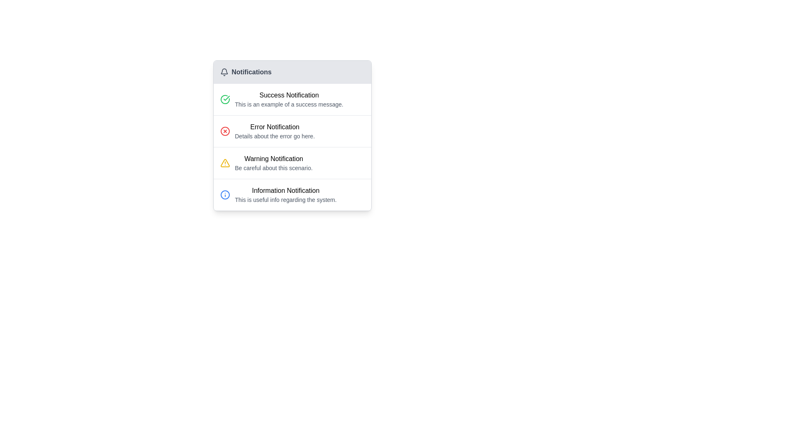 The height and width of the screenshot is (446, 792). What do you see at coordinates (285, 191) in the screenshot?
I see `the text label that serves as the title of the information notification, positioned between 'Warning Notification' above and 'This is useful info regarding the system.' below, located in the fourth position of a vertically aligned notification list` at bounding box center [285, 191].